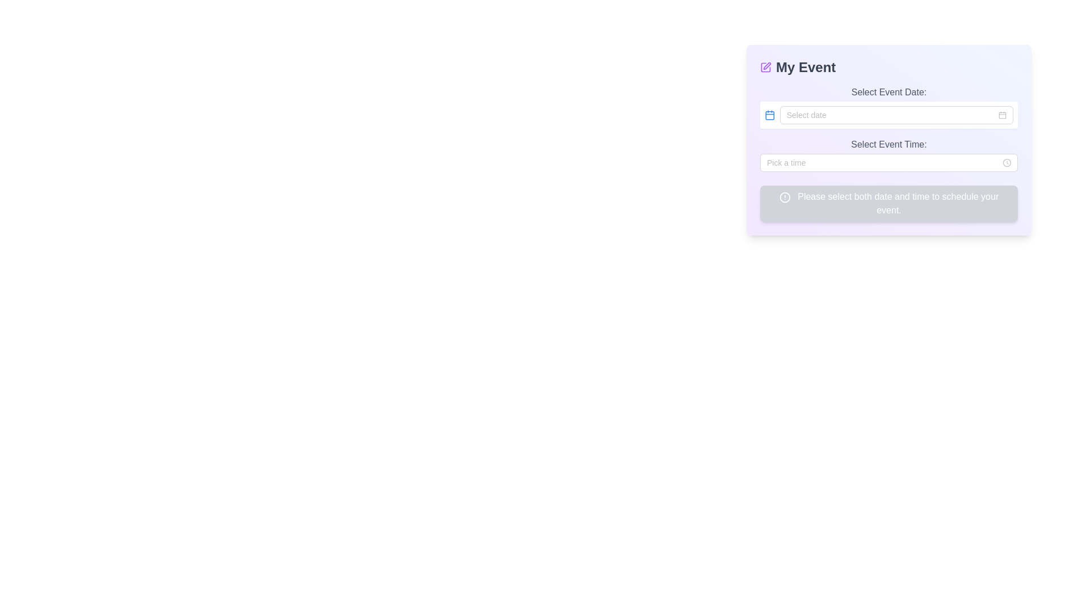  Describe the element at coordinates (770, 115) in the screenshot. I see `the calendar icon with a blue outline and white background, located to the left of the 'Select date' input field` at that location.